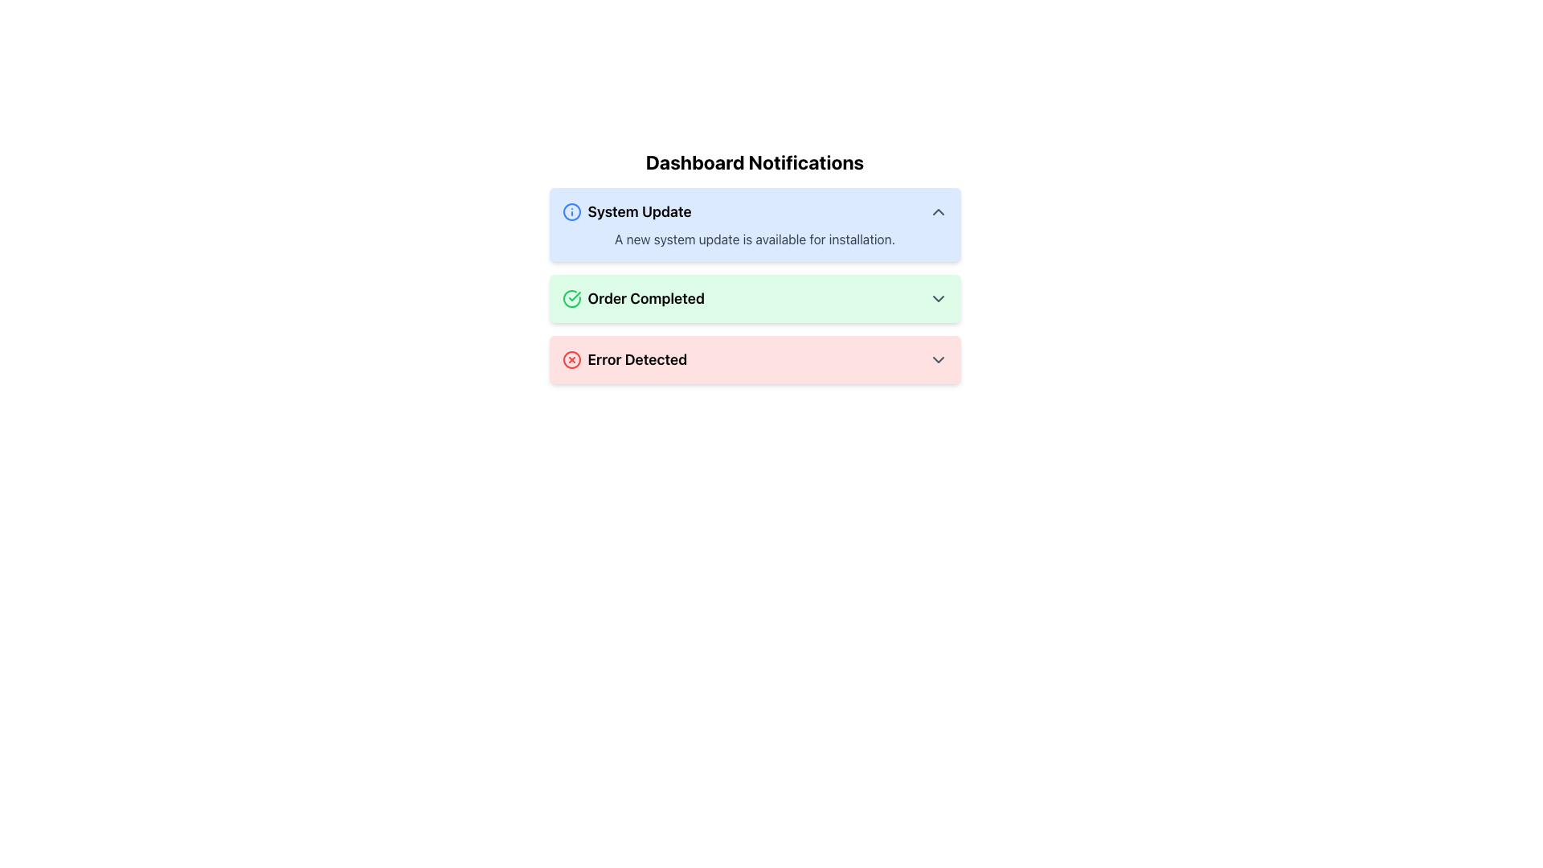 This screenshot has height=868, width=1543. Describe the element at coordinates (571, 211) in the screenshot. I see `the outer circle of the blue information icon located to the left of the text 'System Update' in the topmost notification block` at that location.